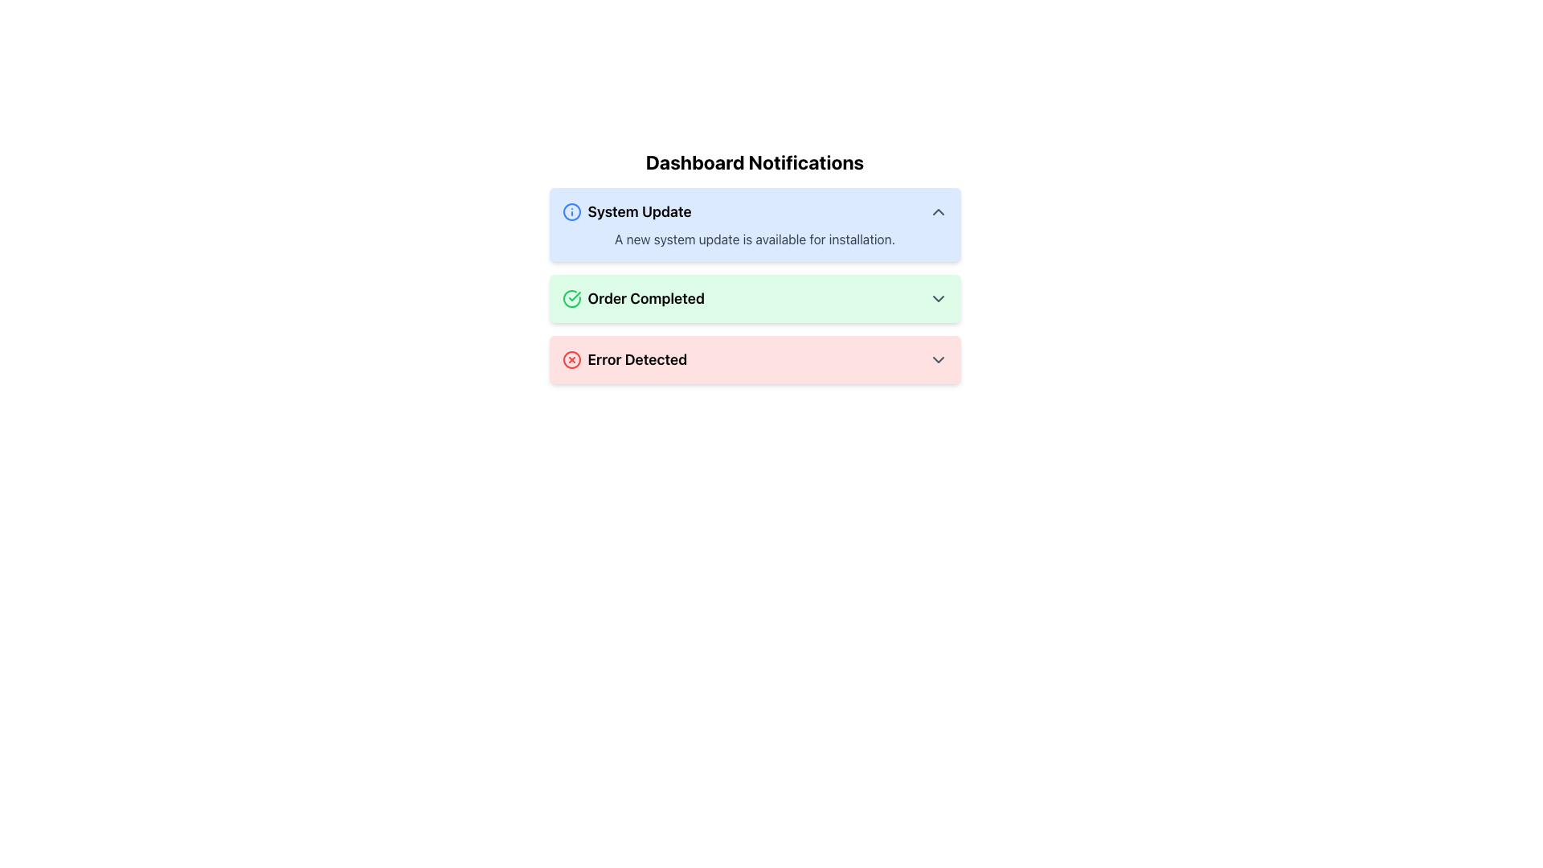 This screenshot has height=868, width=1543. Describe the element at coordinates (571, 211) in the screenshot. I see `the outer circle of the blue information icon located to the left of the text 'System Update' in the topmost notification block` at that location.